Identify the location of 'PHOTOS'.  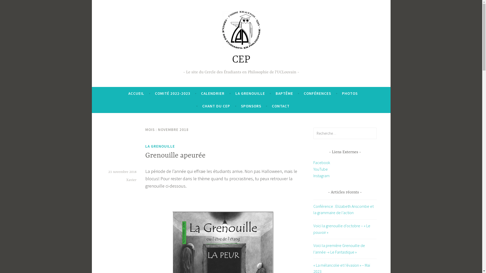
(350, 94).